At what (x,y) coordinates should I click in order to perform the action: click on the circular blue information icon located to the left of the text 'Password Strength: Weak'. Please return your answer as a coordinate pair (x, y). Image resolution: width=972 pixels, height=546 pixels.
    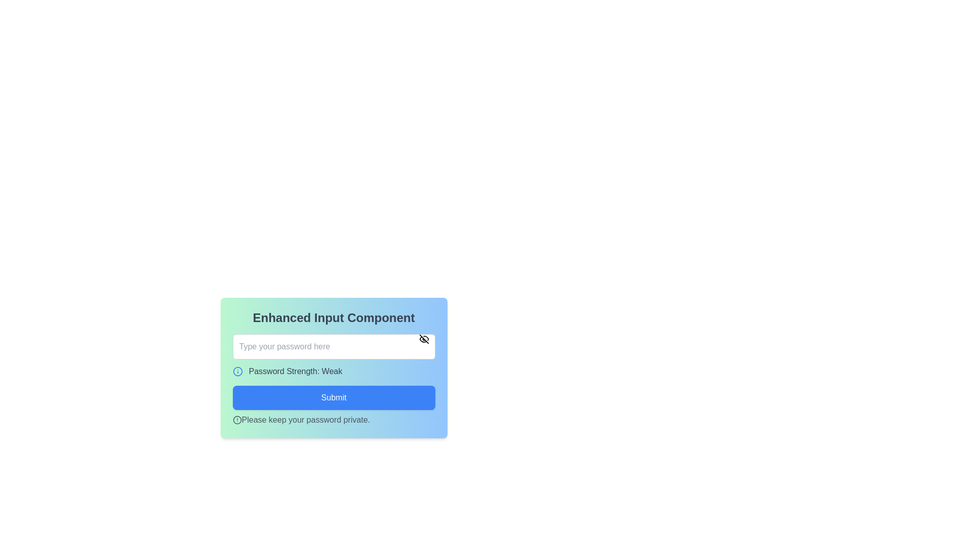
    Looking at the image, I should click on (237, 372).